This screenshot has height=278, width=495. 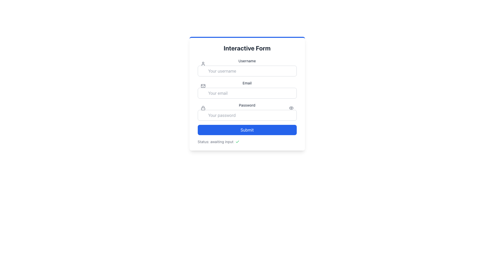 I want to click on the lock icon that visually indicates the password input field, located at the top-left corner of the input box, so click(x=203, y=108).